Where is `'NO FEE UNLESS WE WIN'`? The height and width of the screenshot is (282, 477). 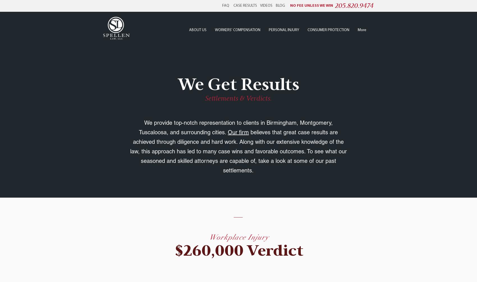
'NO FEE UNLESS WE WIN' is located at coordinates (311, 6).